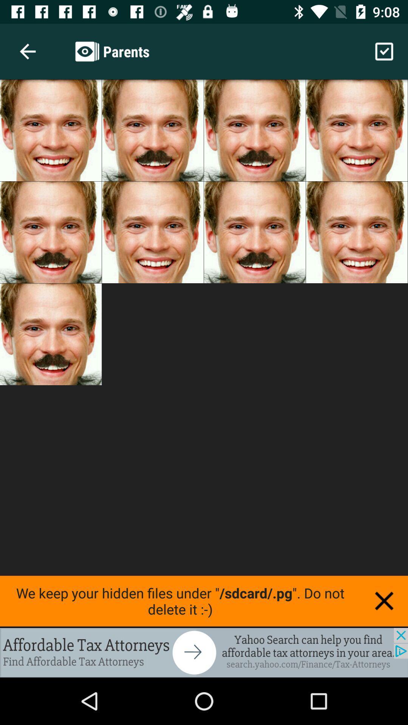 The width and height of the screenshot is (408, 725). Describe the element at coordinates (384, 600) in the screenshot. I see `the close icon` at that location.